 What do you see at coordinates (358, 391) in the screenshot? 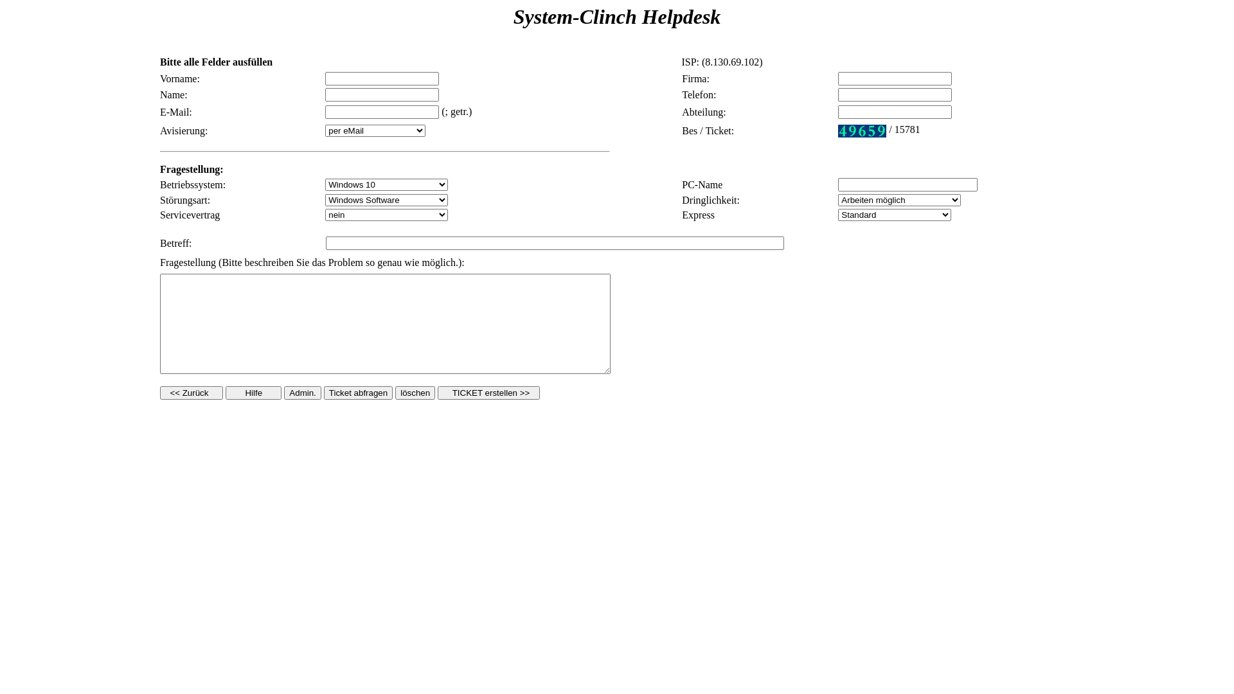
I see `'Ticket abfragen'` at bounding box center [358, 391].